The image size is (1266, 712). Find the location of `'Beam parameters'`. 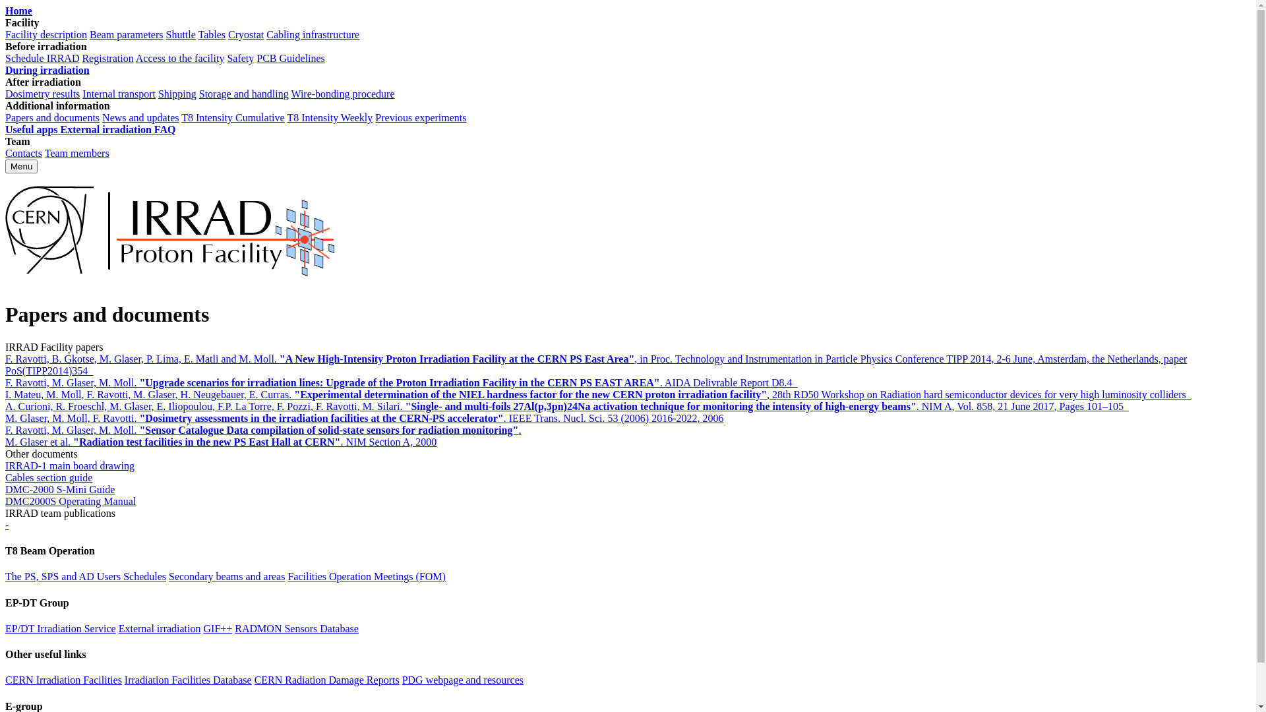

'Beam parameters' is located at coordinates (127, 34).